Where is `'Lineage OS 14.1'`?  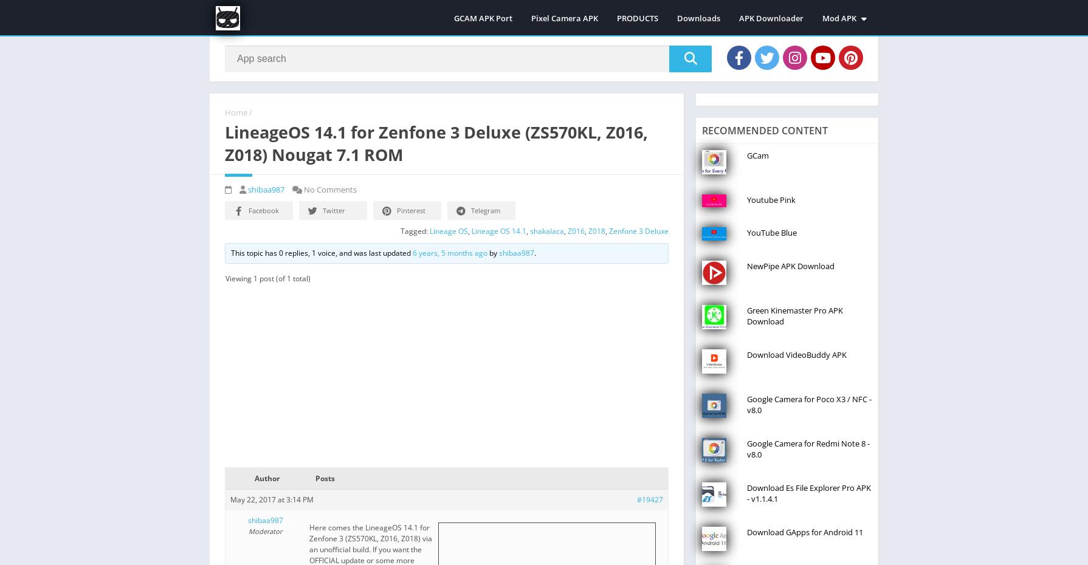
'Lineage OS 14.1' is located at coordinates (470, 230).